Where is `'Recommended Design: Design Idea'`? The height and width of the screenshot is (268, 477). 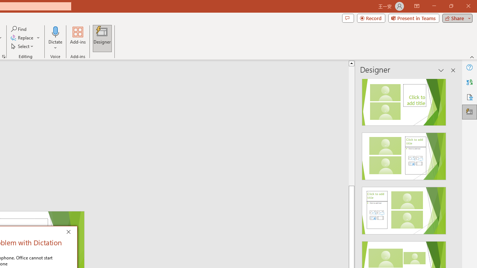
'Recommended Design: Design Idea' is located at coordinates (404, 99).